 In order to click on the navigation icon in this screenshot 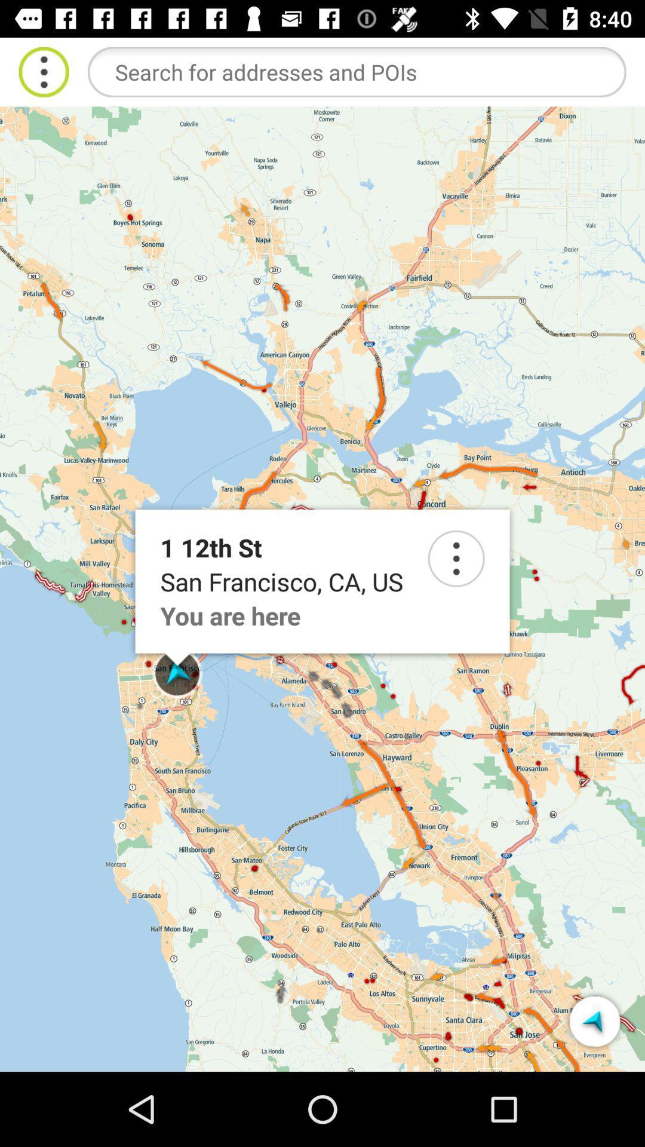, I will do `click(594, 1020)`.